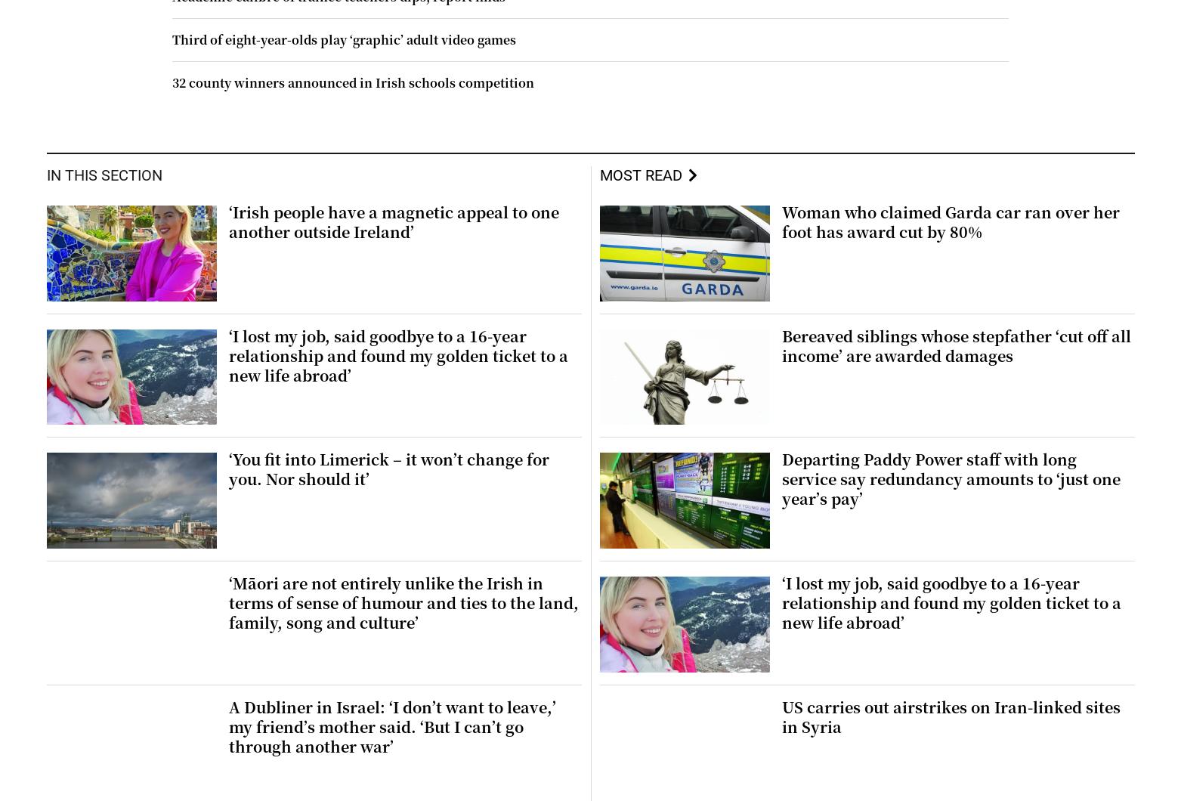 Image resolution: width=1181 pixels, height=801 pixels. I want to click on '‘You fit into Limerick – it won’t change for you. Nor should it’', so click(388, 469).